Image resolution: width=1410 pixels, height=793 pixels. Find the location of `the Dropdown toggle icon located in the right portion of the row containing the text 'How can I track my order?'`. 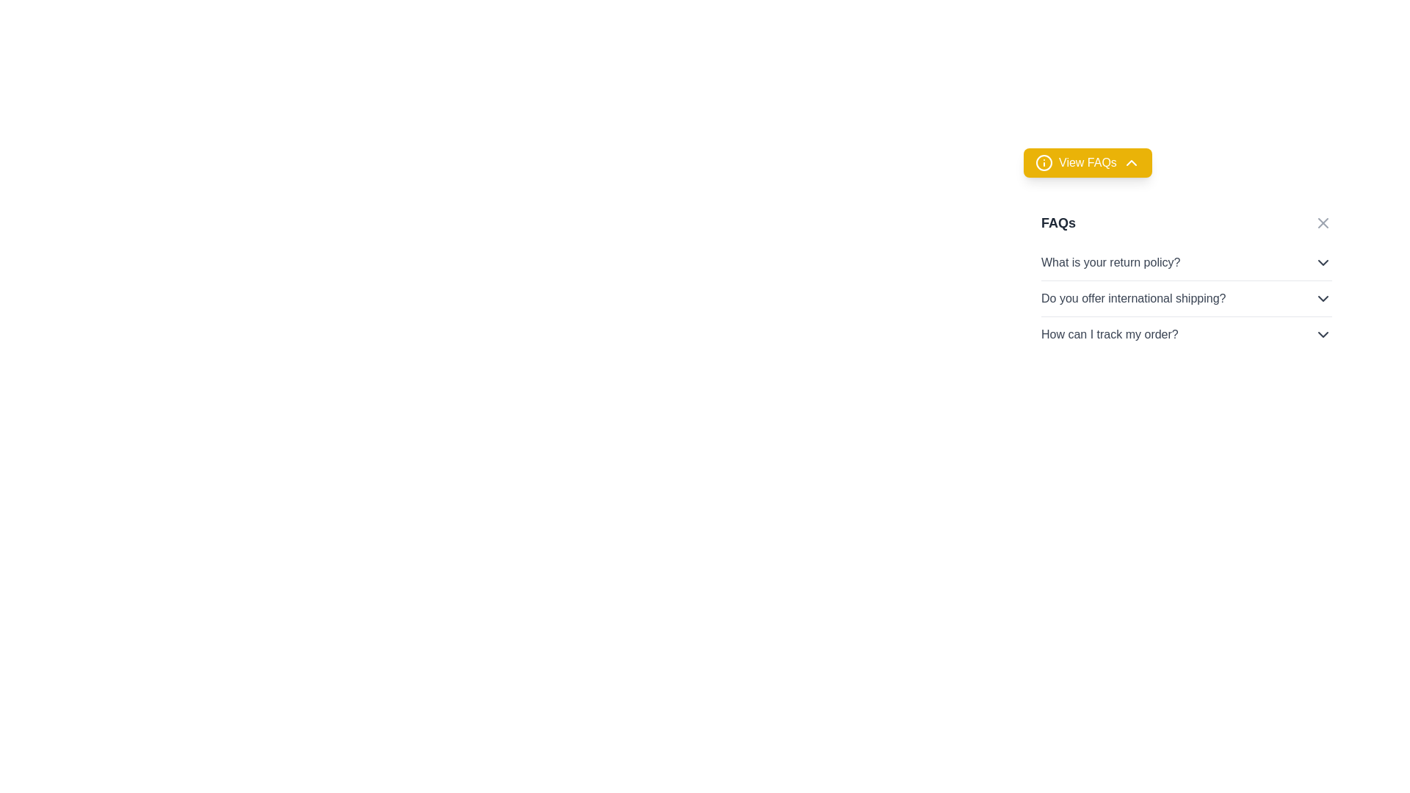

the Dropdown toggle icon located in the right portion of the row containing the text 'How can I track my order?' is located at coordinates (1323, 334).